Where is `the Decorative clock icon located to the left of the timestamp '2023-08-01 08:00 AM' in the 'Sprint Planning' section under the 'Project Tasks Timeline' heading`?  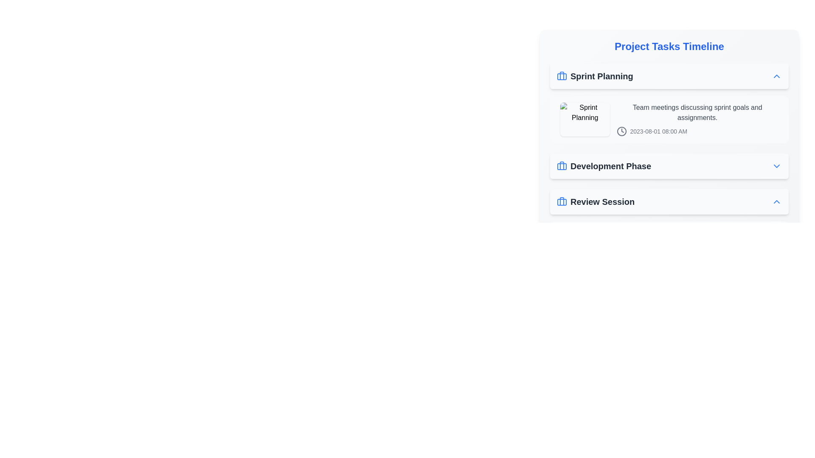
the Decorative clock icon located to the left of the timestamp '2023-08-01 08:00 AM' in the 'Sprint Planning' section under the 'Project Tasks Timeline' heading is located at coordinates (621, 131).